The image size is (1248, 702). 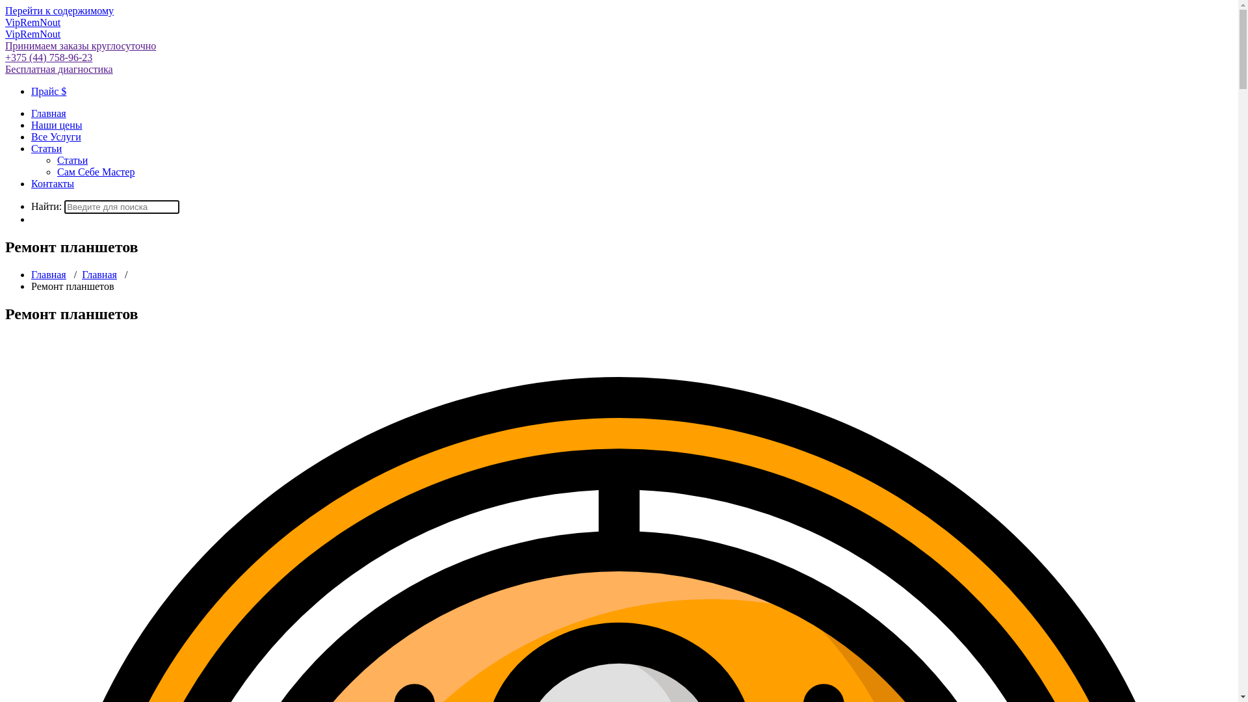 I want to click on 'VipRemNout', so click(x=32, y=22).